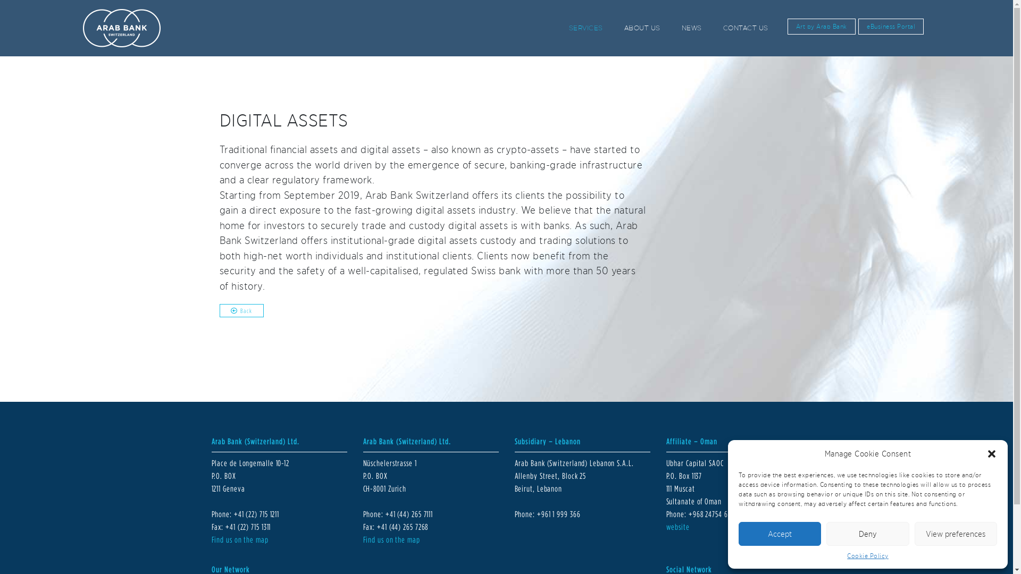 This screenshot has width=1021, height=574. Describe the element at coordinates (691, 28) in the screenshot. I see `'NEWS'` at that location.